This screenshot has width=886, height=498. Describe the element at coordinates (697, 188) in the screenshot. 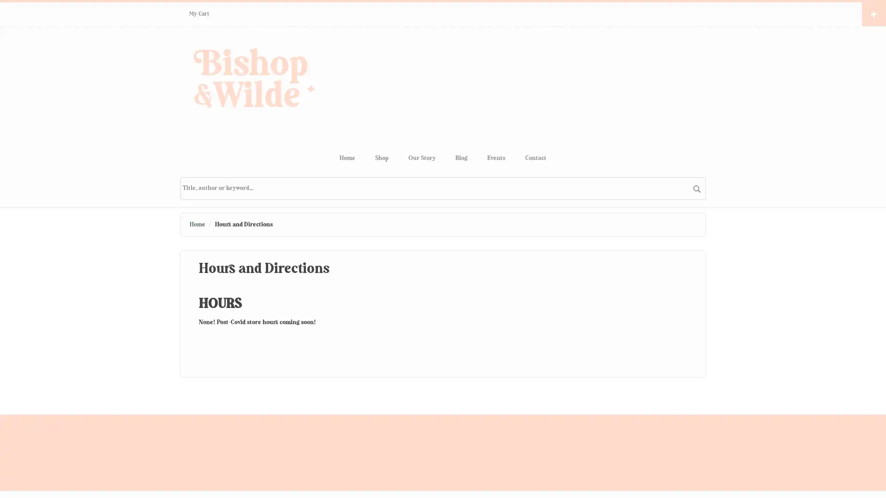

I see `search` at that location.